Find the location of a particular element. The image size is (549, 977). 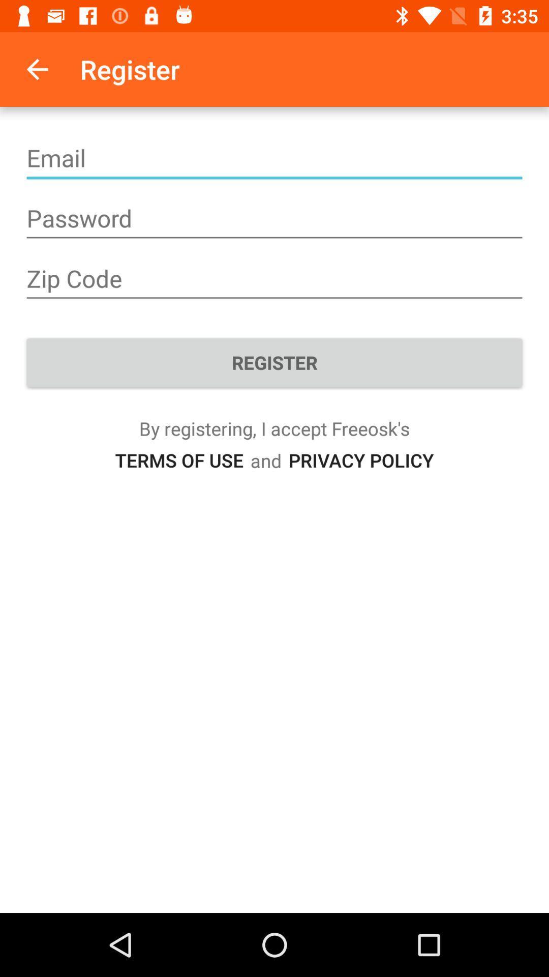

the item below register icon is located at coordinates (360, 459).